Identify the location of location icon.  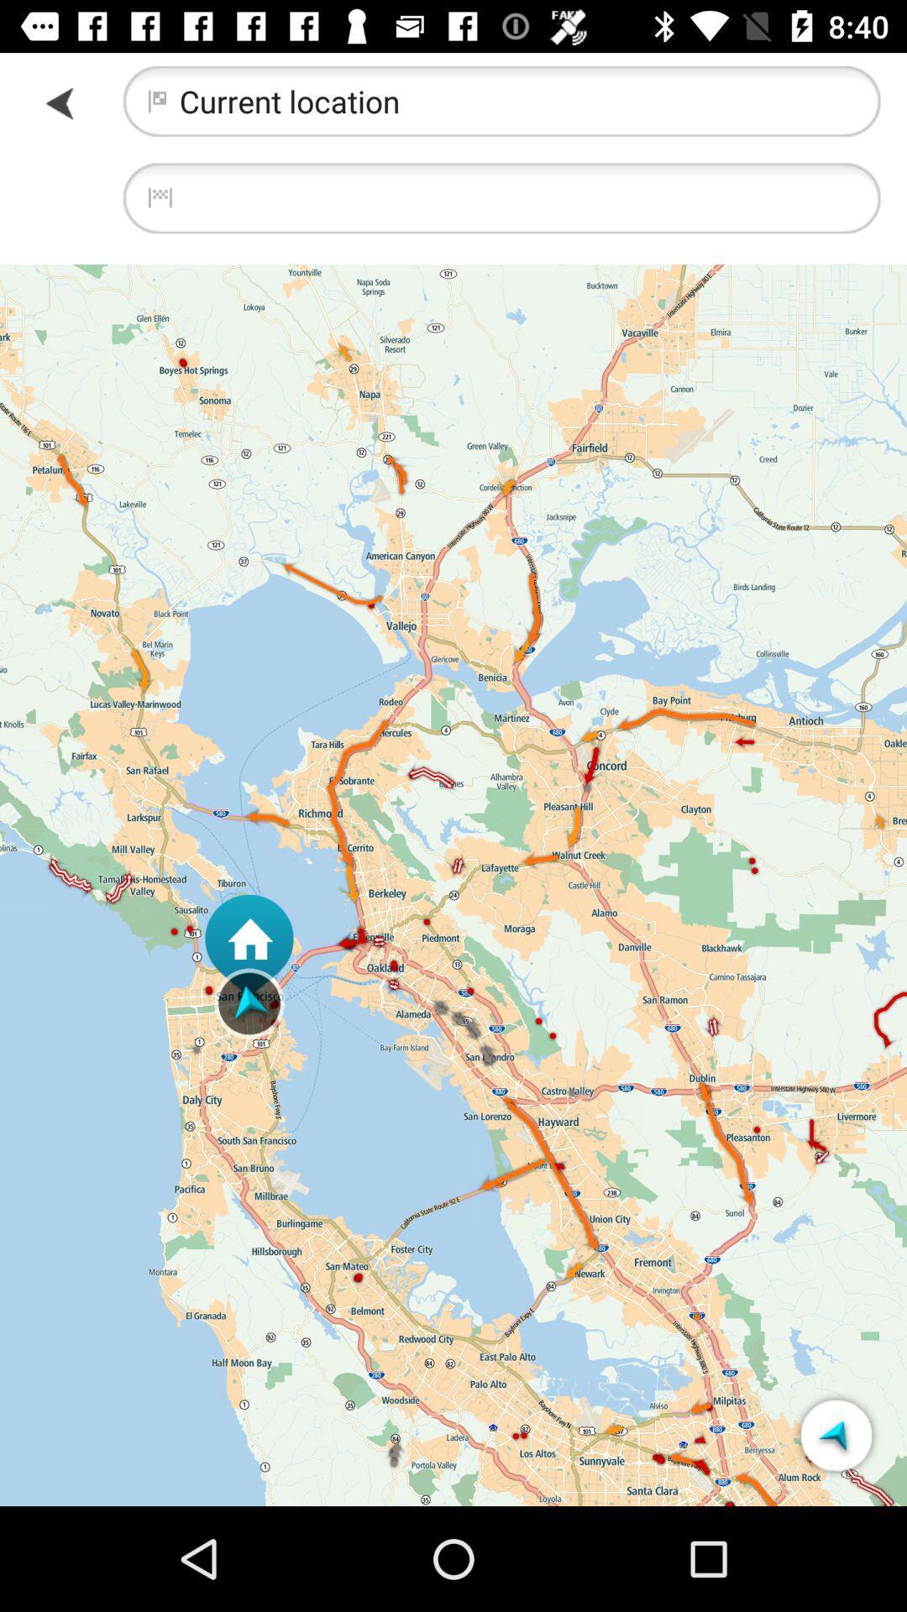
(836, 1434).